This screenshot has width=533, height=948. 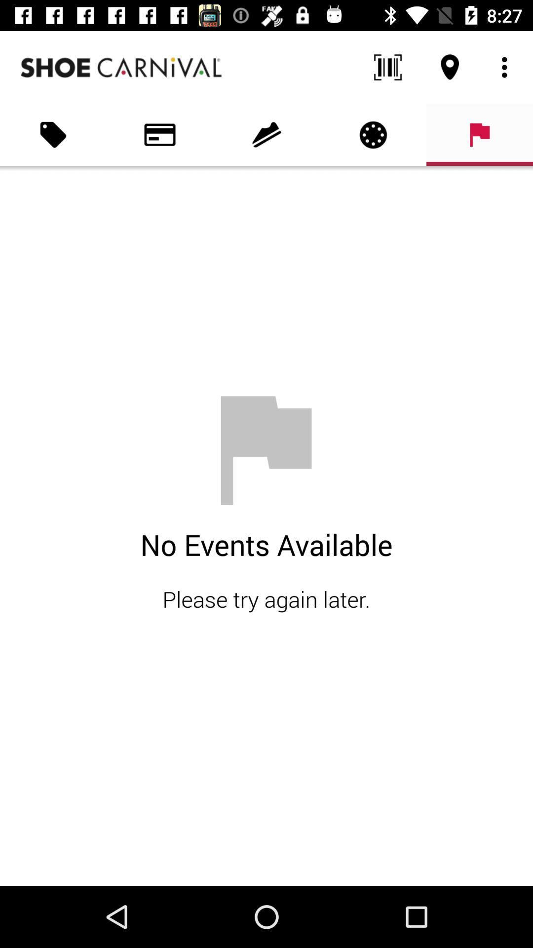 What do you see at coordinates (53, 134) in the screenshot?
I see `tag icon below shoe carnival on the page` at bounding box center [53, 134].